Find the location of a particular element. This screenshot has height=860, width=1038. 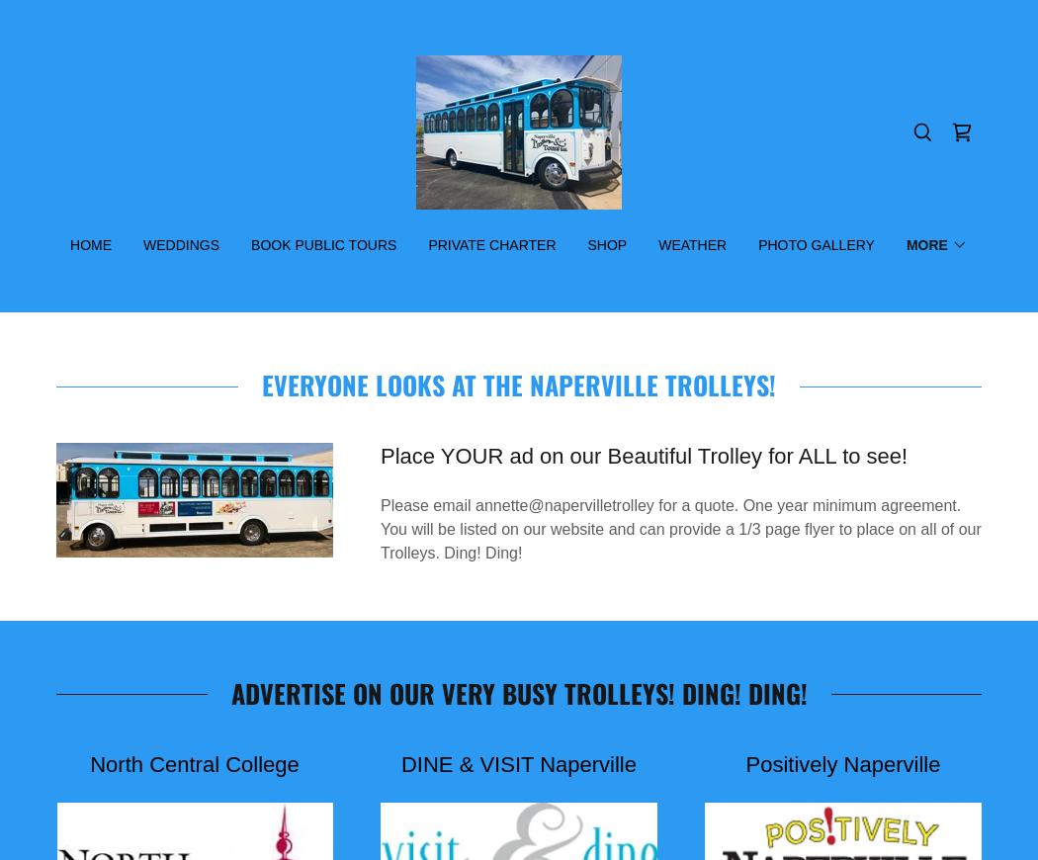

'Shop' is located at coordinates (607, 245).